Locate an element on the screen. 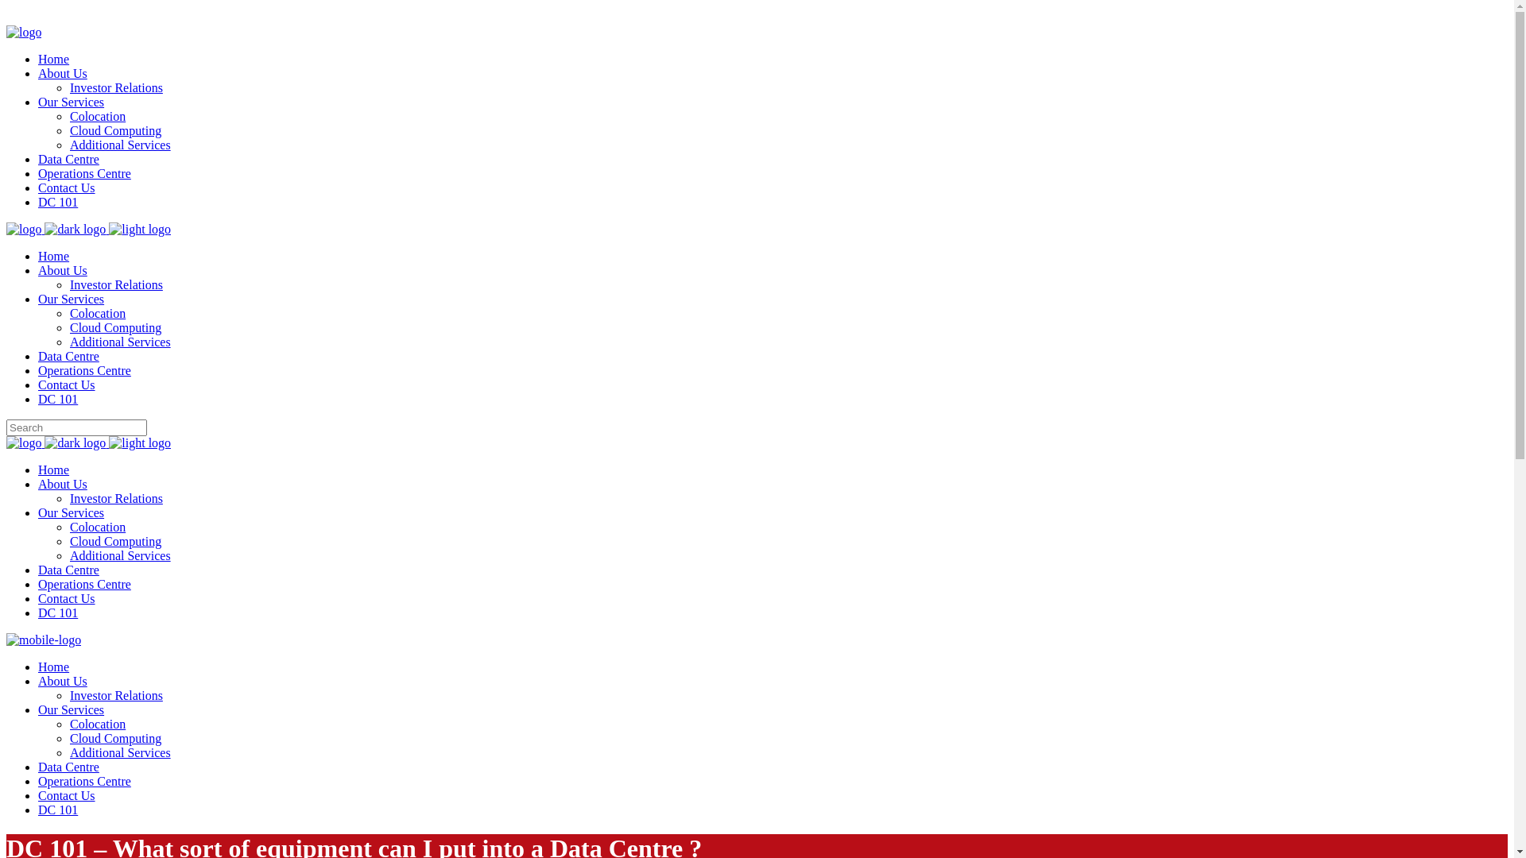 The image size is (1526, 858). 'Additional Services' is located at coordinates (68, 752).